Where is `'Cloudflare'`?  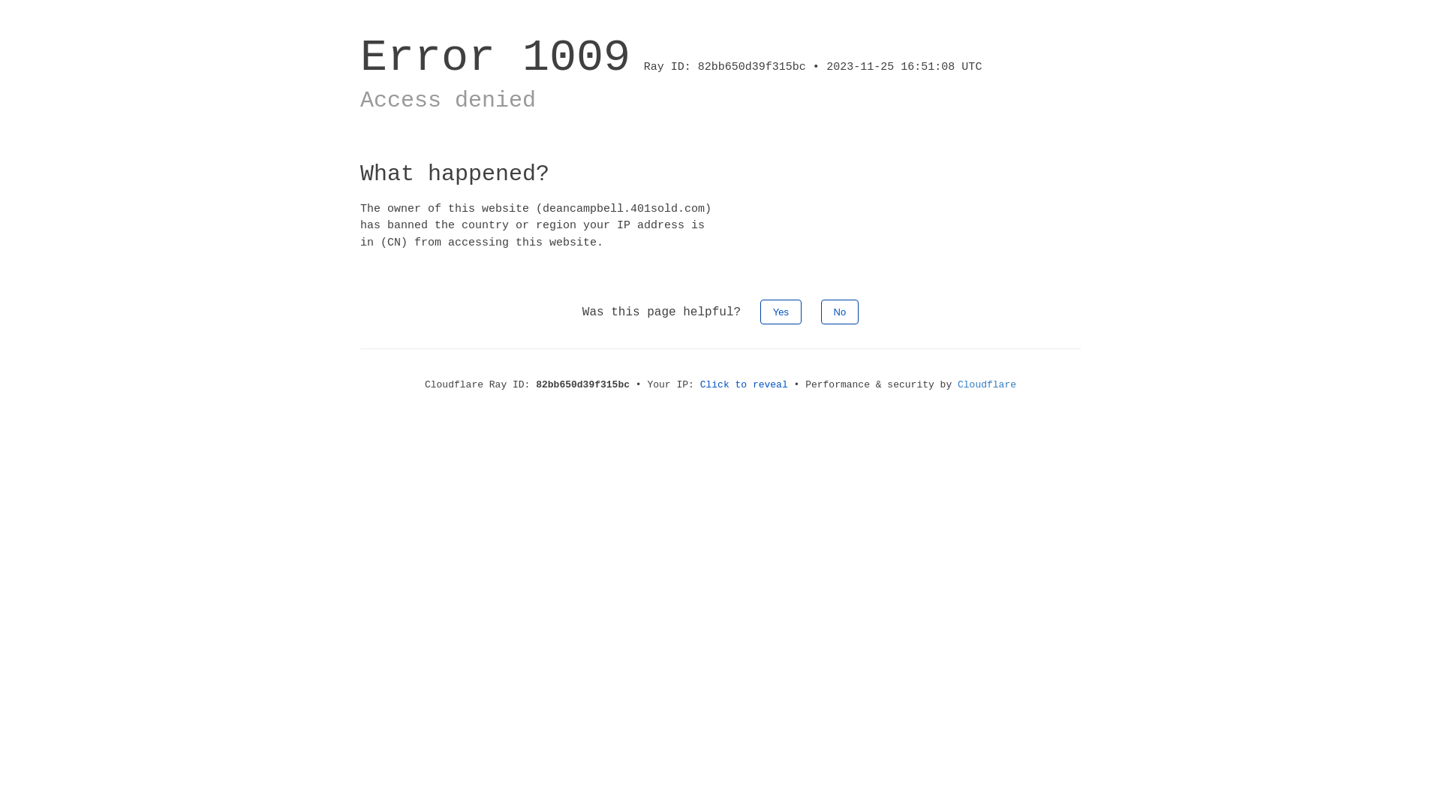
'Cloudflare' is located at coordinates (987, 384).